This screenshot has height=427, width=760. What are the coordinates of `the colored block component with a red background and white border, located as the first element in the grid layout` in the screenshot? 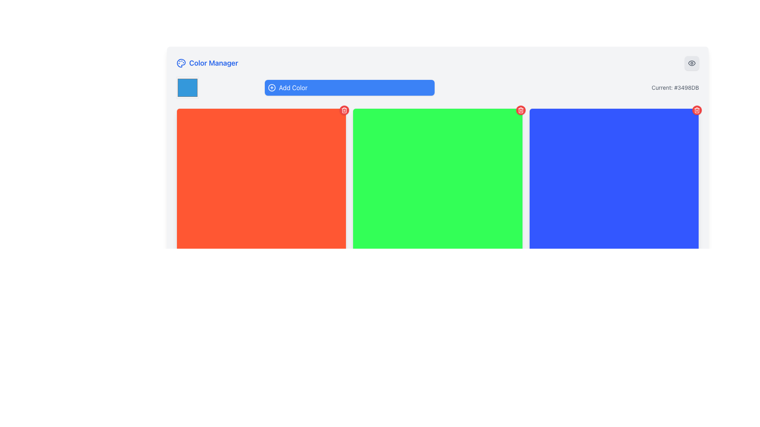 It's located at (261, 193).